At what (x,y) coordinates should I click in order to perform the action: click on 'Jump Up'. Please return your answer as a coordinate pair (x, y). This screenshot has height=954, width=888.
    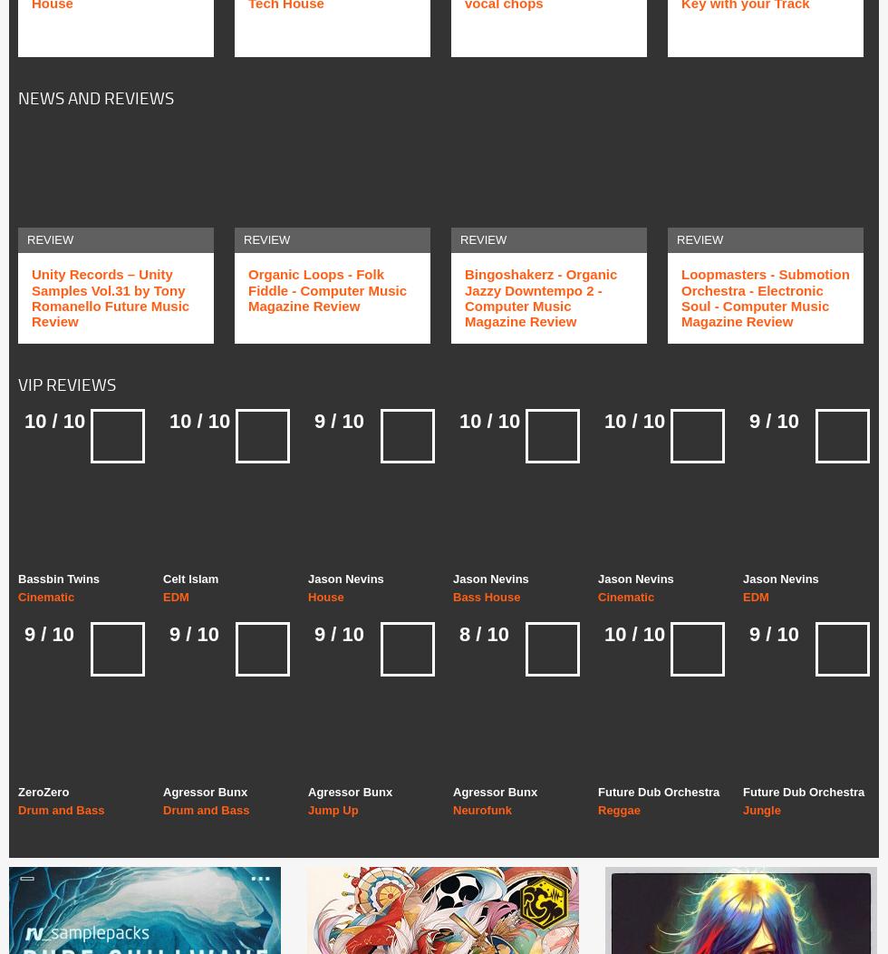
    Looking at the image, I should click on (333, 810).